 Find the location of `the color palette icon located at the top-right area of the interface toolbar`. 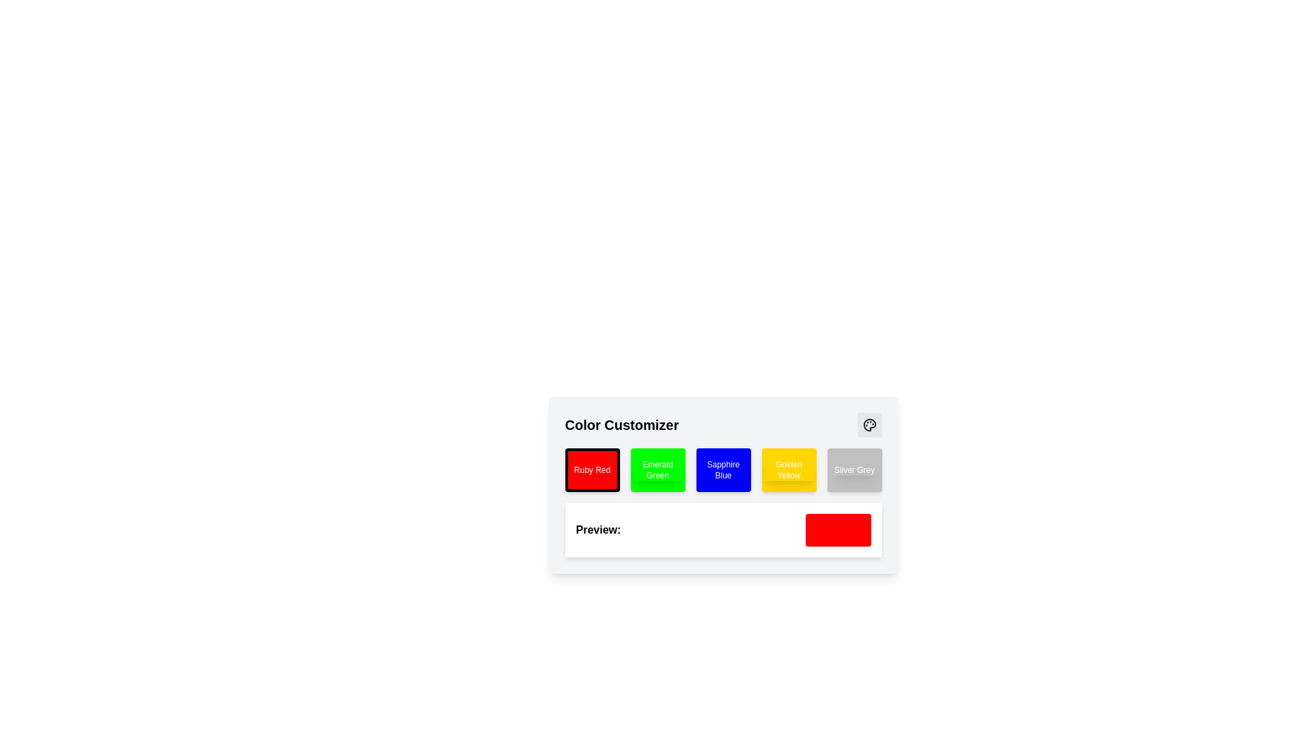

the color palette icon located at the top-right area of the interface toolbar is located at coordinates (869, 424).